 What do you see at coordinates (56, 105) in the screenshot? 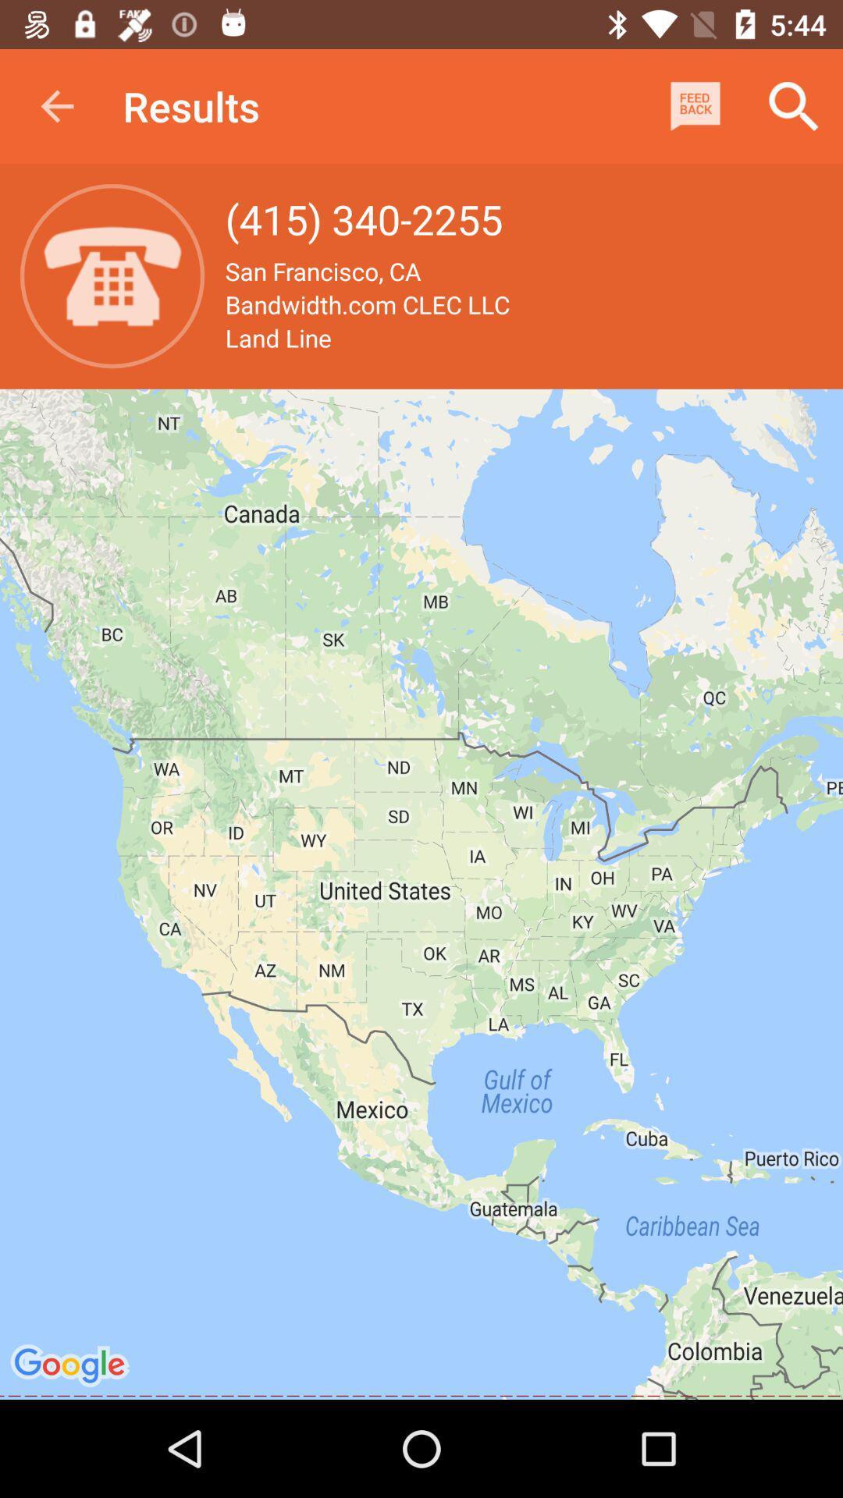
I see `the item next to the results icon` at bounding box center [56, 105].